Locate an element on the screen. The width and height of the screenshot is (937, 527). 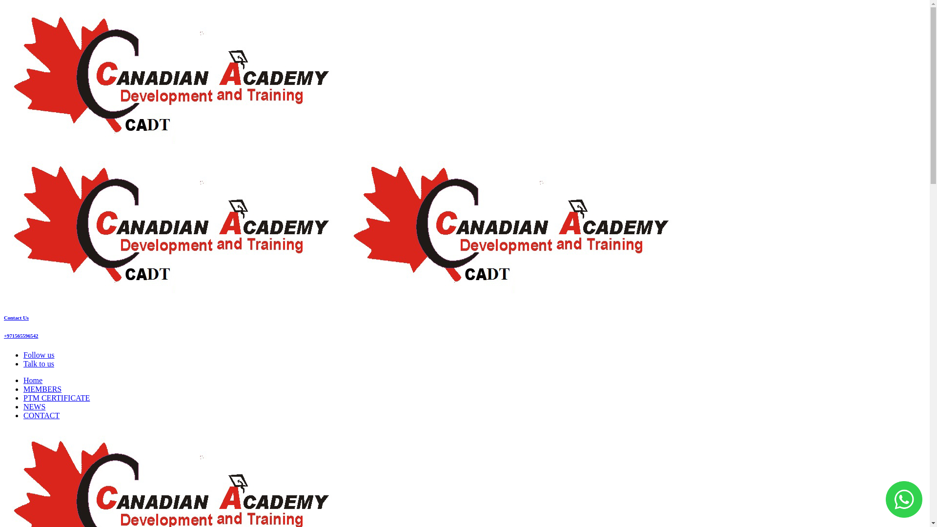
'Follow us' is located at coordinates (39, 355).